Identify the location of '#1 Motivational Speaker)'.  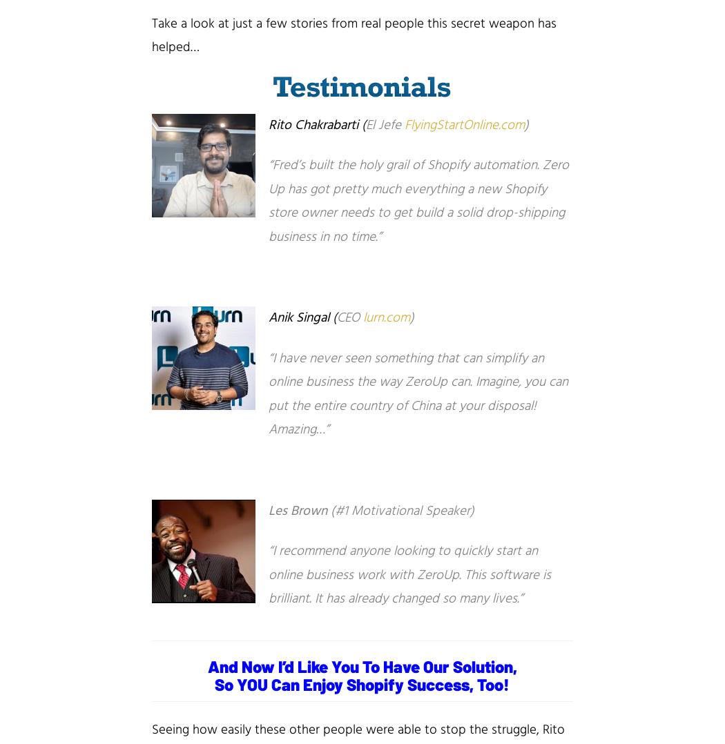
(404, 511).